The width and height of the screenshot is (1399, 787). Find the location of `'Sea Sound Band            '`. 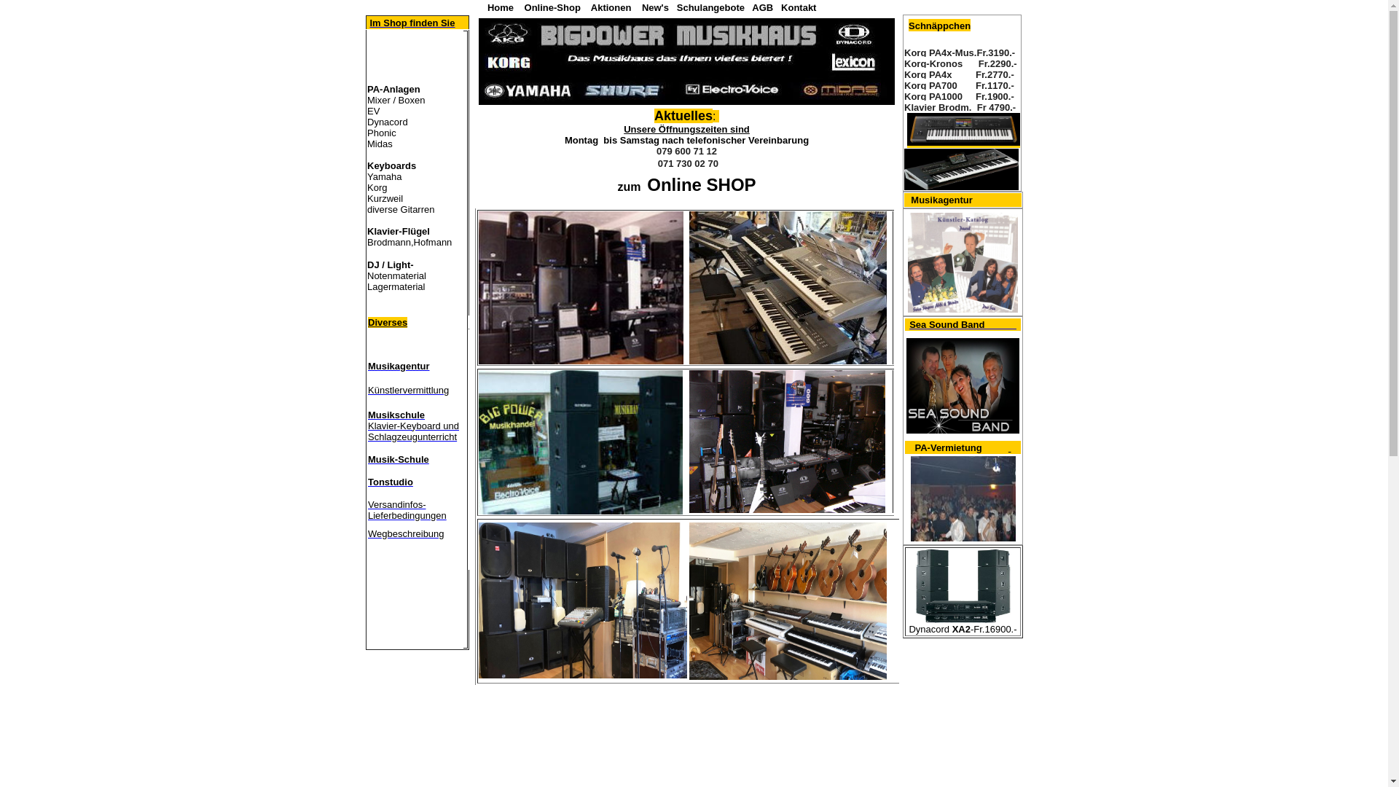

'Sea Sound Band            ' is located at coordinates (963, 324).